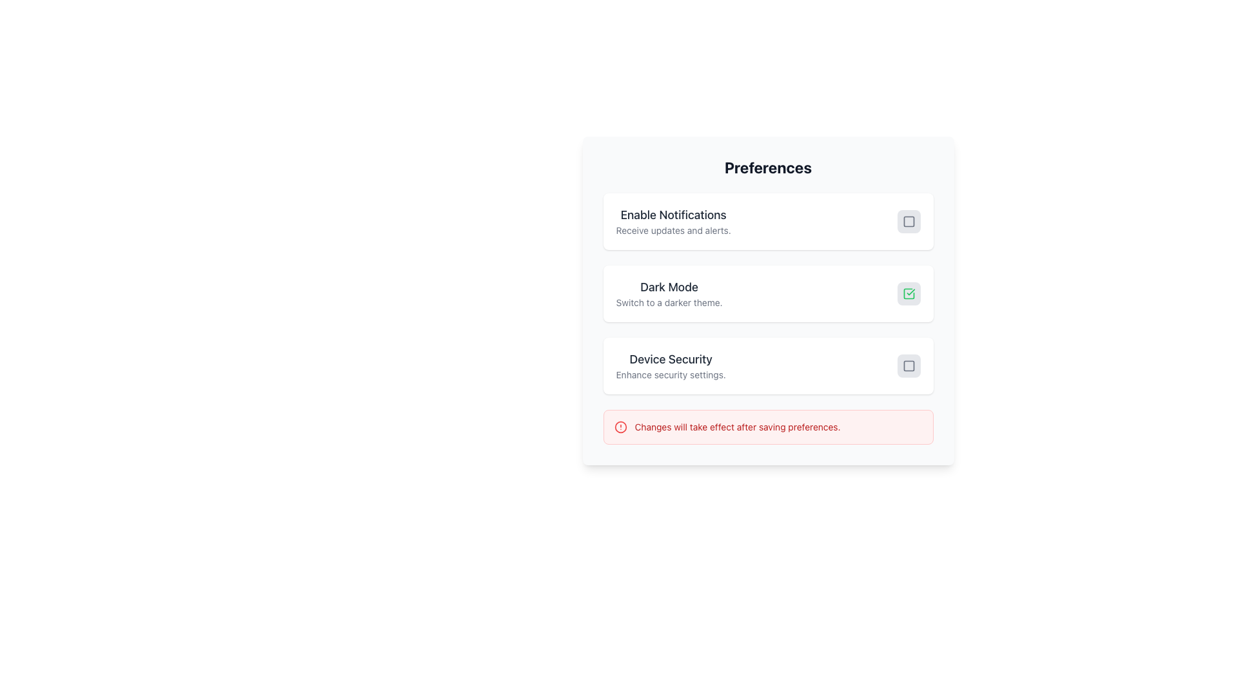 The height and width of the screenshot is (696, 1238). Describe the element at coordinates (908, 293) in the screenshot. I see `the second icon in the vertical list under the 'Preferences' section` at that location.